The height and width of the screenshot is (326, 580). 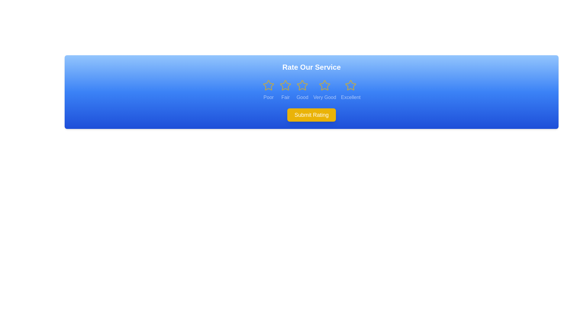 What do you see at coordinates (302, 97) in the screenshot?
I see `text label that displays 'Good', which is styled in bold white font against a blue gradient background, located below the third star in a series of five rating stars` at bounding box center [302, 97].